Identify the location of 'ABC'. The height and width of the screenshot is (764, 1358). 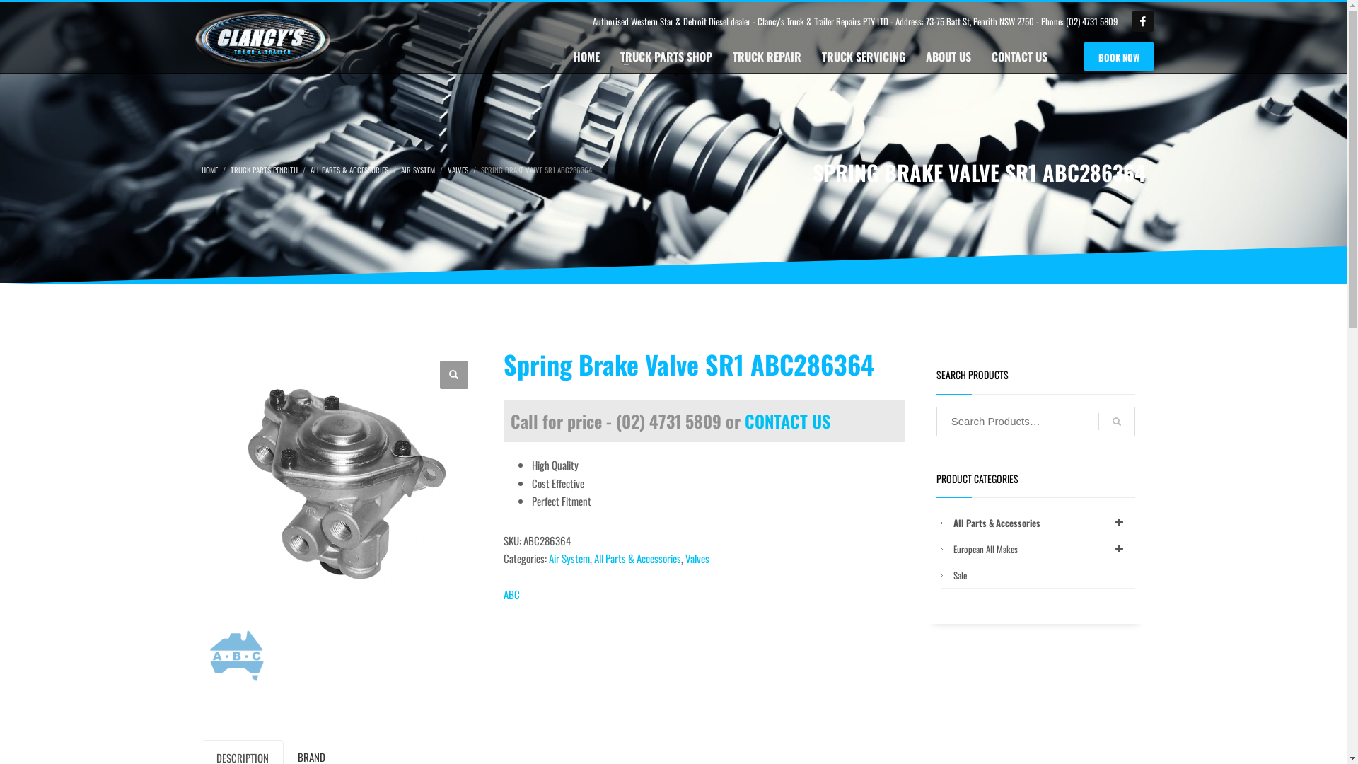
(511, 594).